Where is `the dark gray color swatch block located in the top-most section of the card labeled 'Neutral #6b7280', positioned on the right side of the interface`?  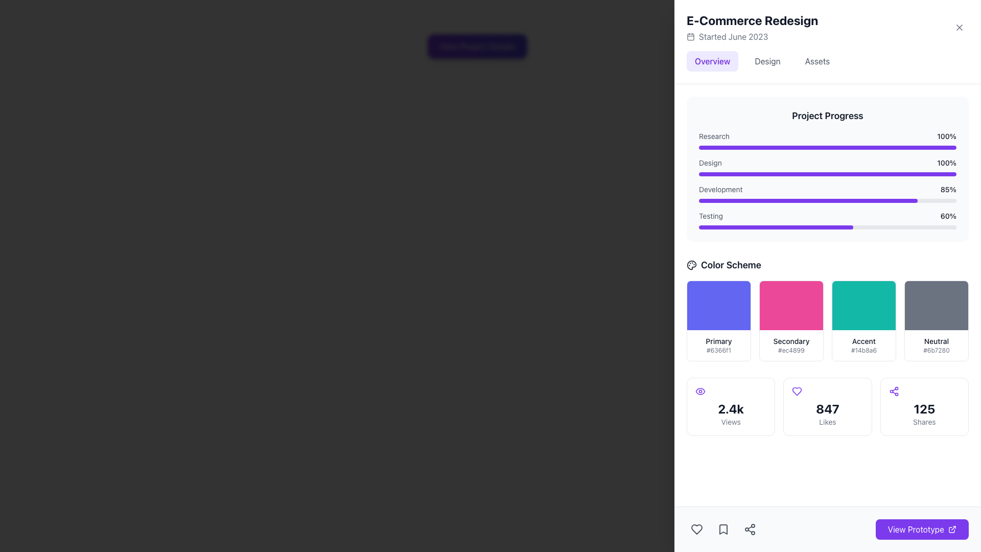 the dark gray color swatch block located in the top-most section of the card labeled 'Neutral #6b7280', positioned on the right side of the interface is located at coordinates (937, 305).